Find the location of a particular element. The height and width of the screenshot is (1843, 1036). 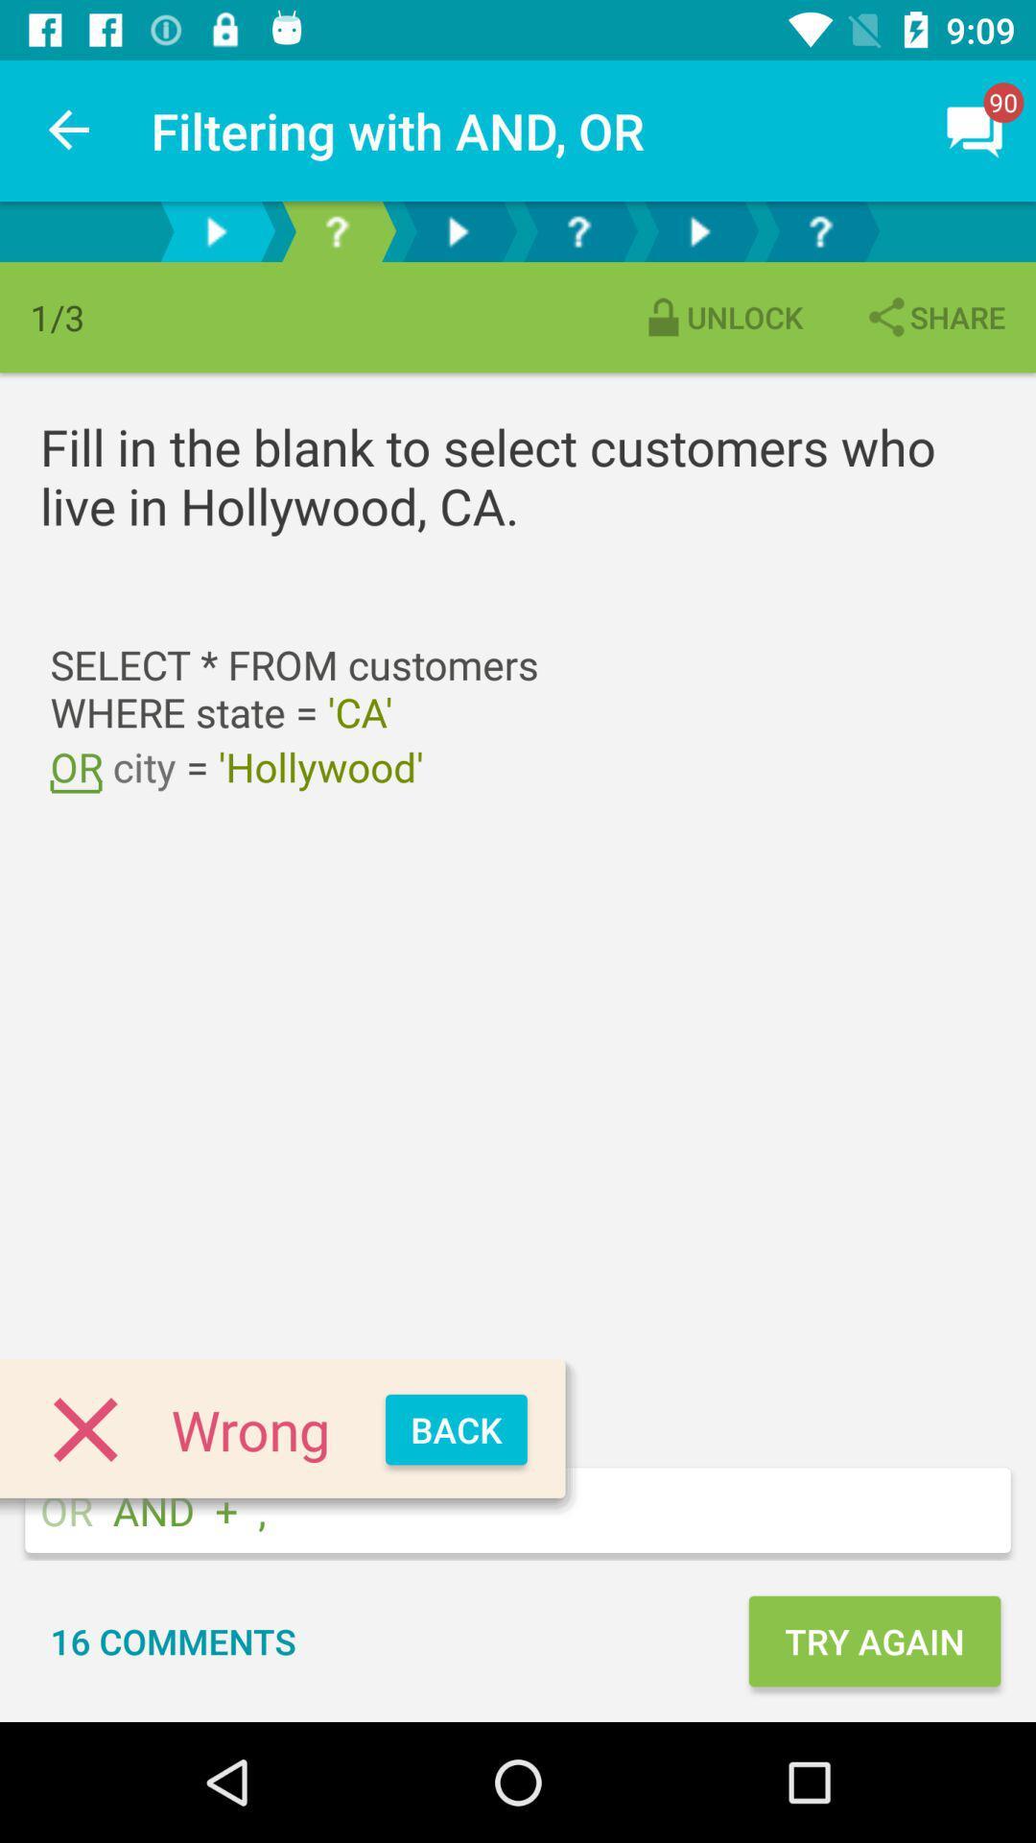

item next to filtering with and item is located at coordinates (69, 130).